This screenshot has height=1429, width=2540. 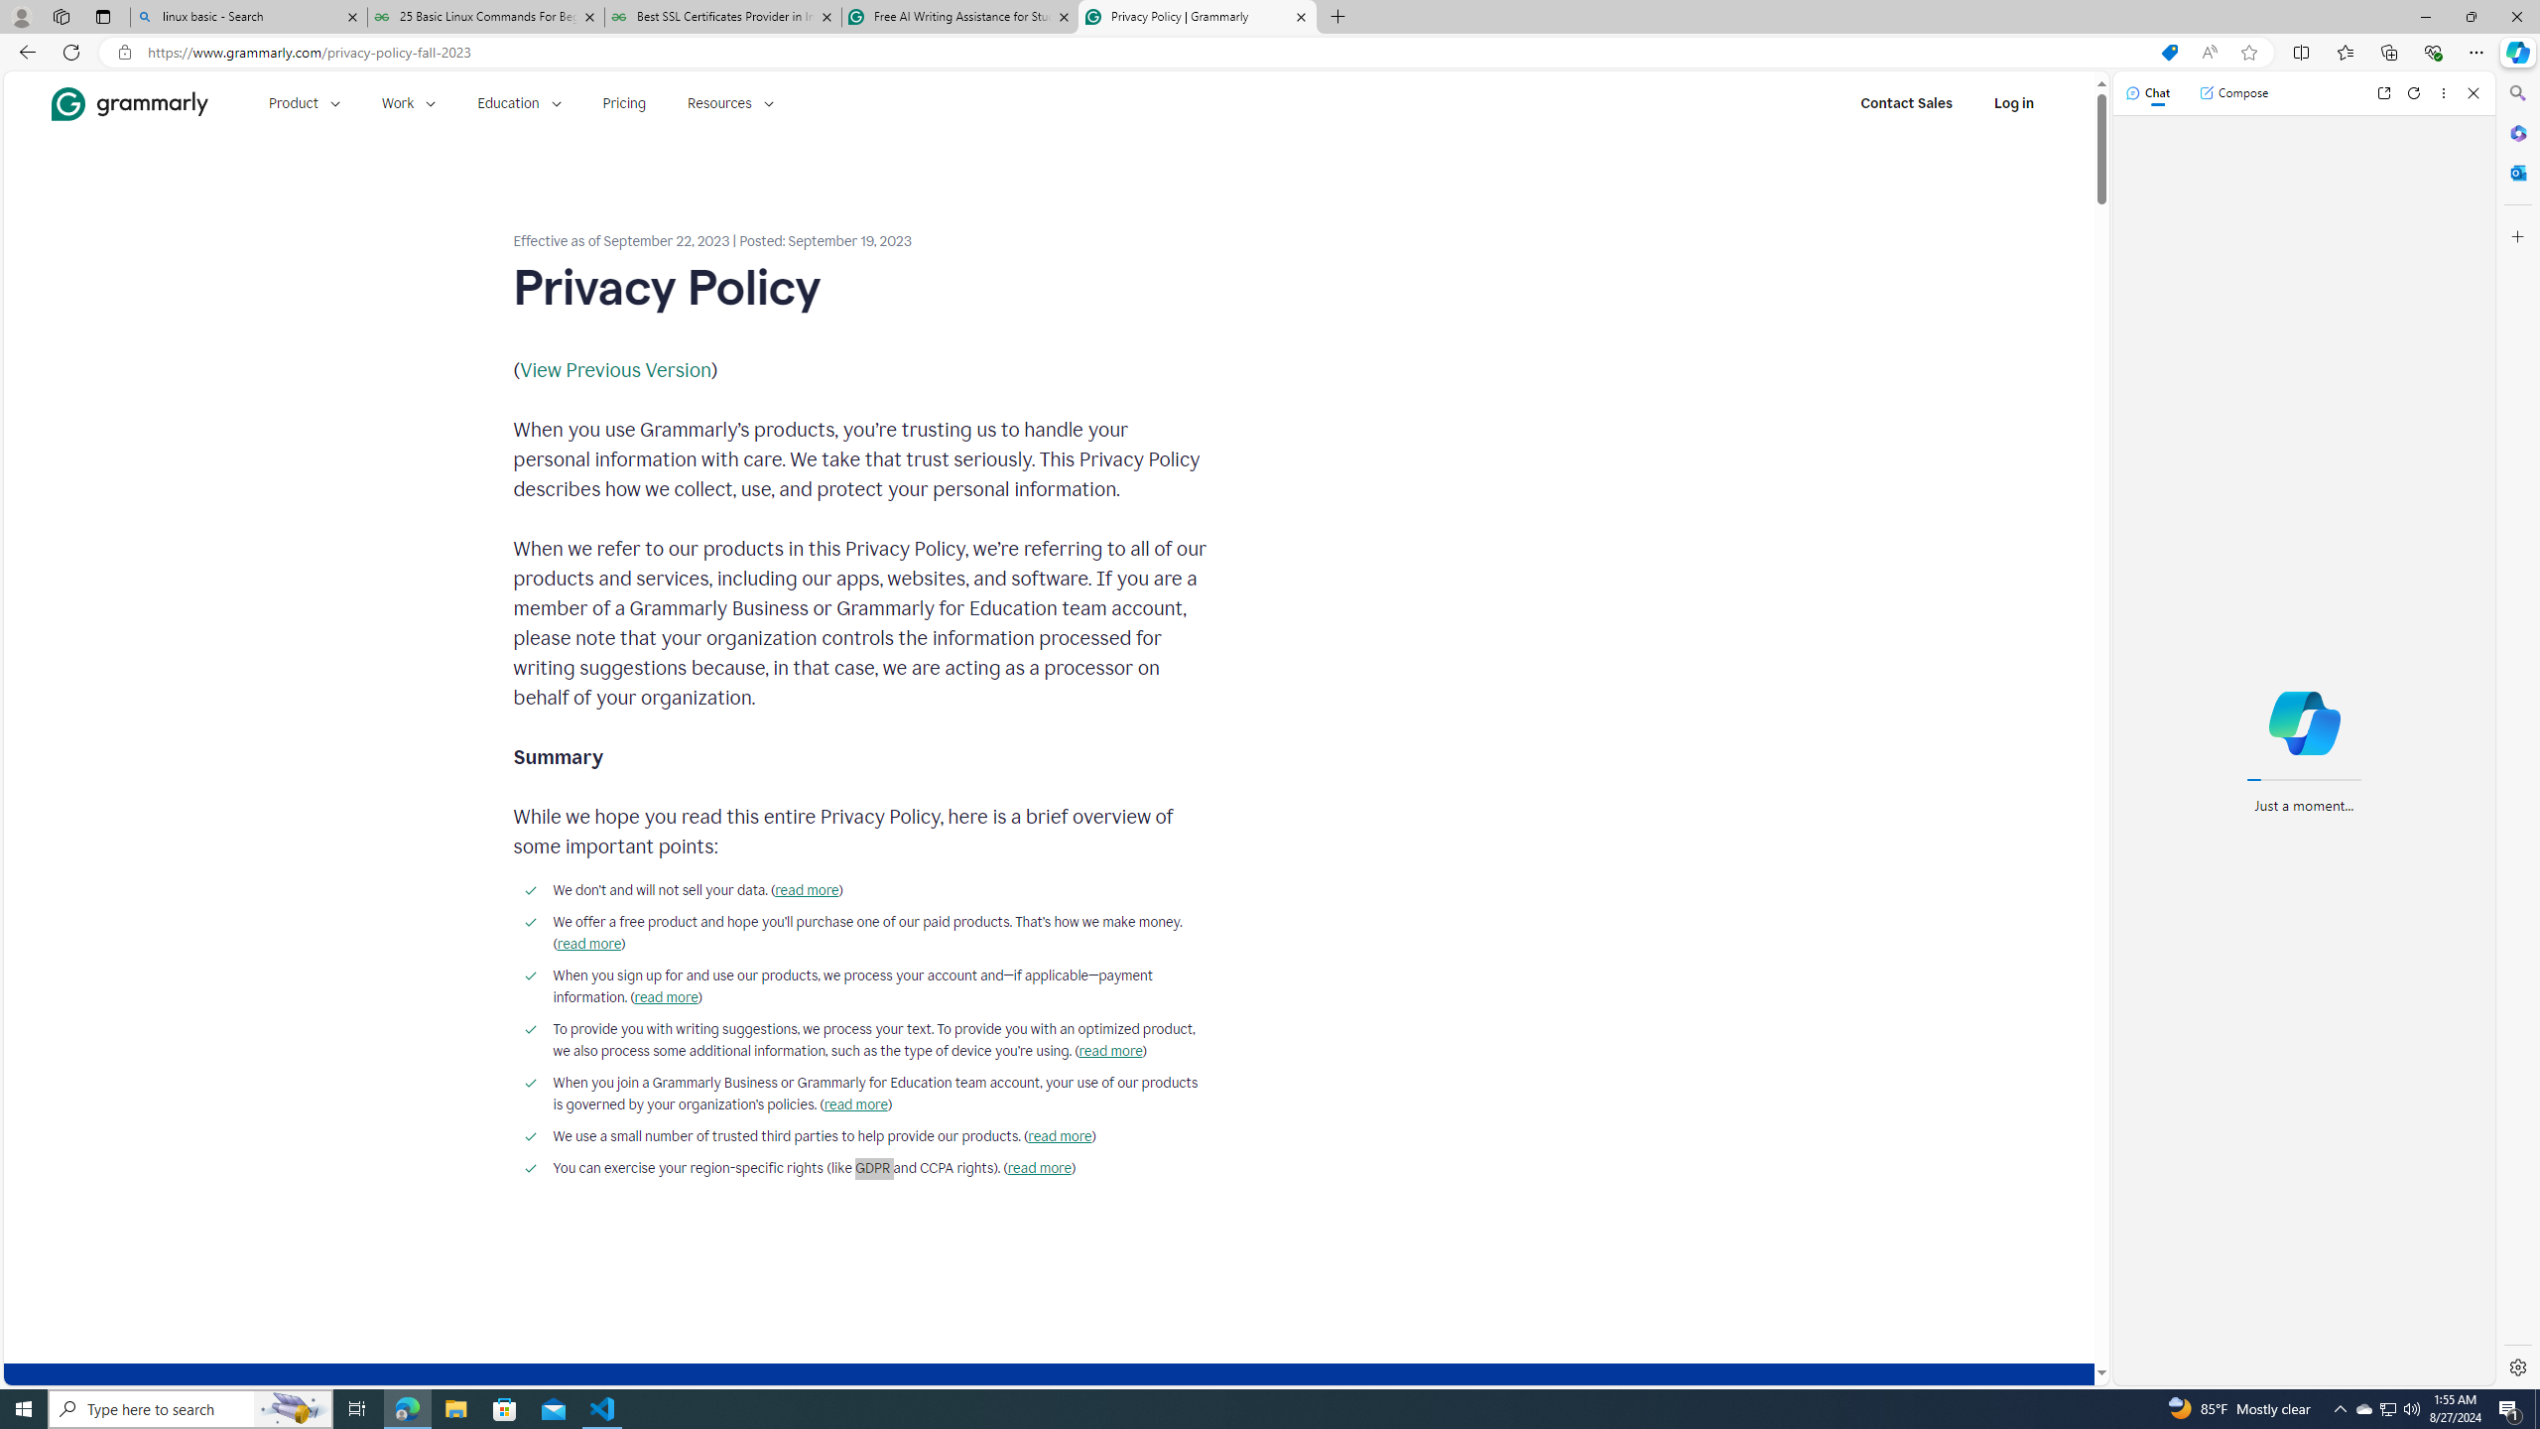 I want to click on 'Resources', so click(x=731, y=102).